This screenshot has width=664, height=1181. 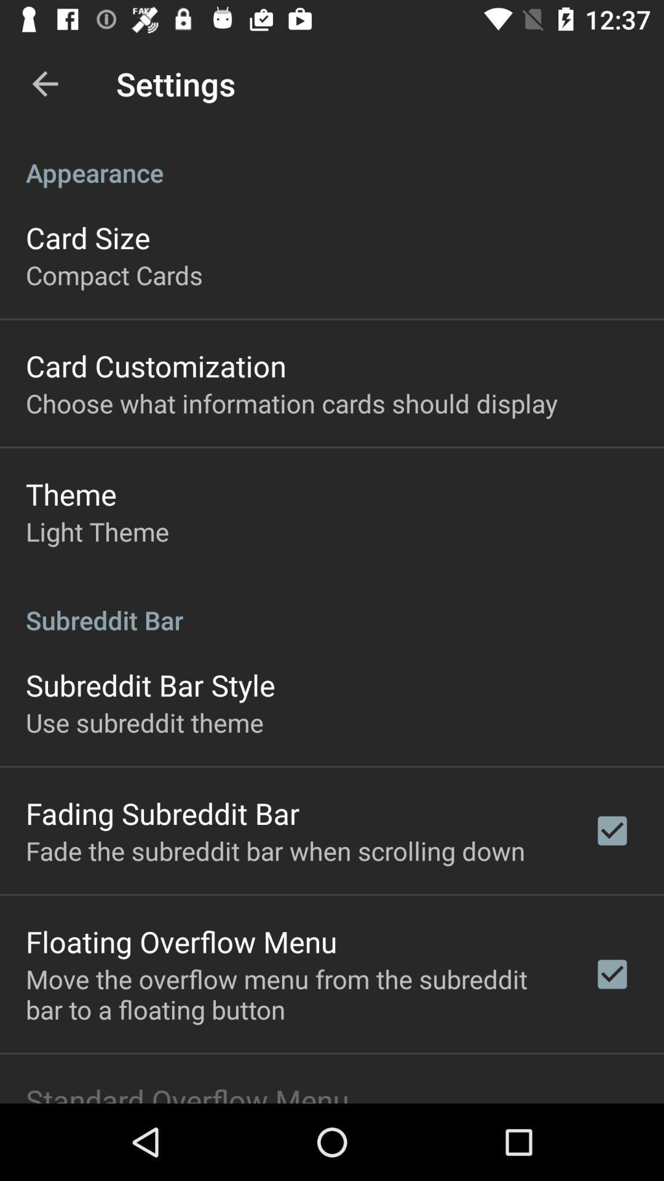 What do you see at coordinates (291, 403) in the screenshot?
I see `choose what information item` at bounding box center [291, 403].